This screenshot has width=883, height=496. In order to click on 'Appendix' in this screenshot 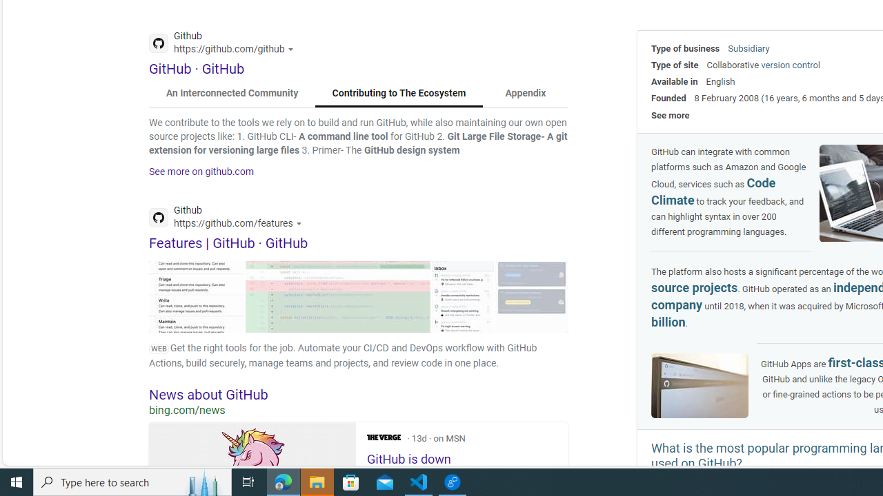, I will do `click(524, 93)`.